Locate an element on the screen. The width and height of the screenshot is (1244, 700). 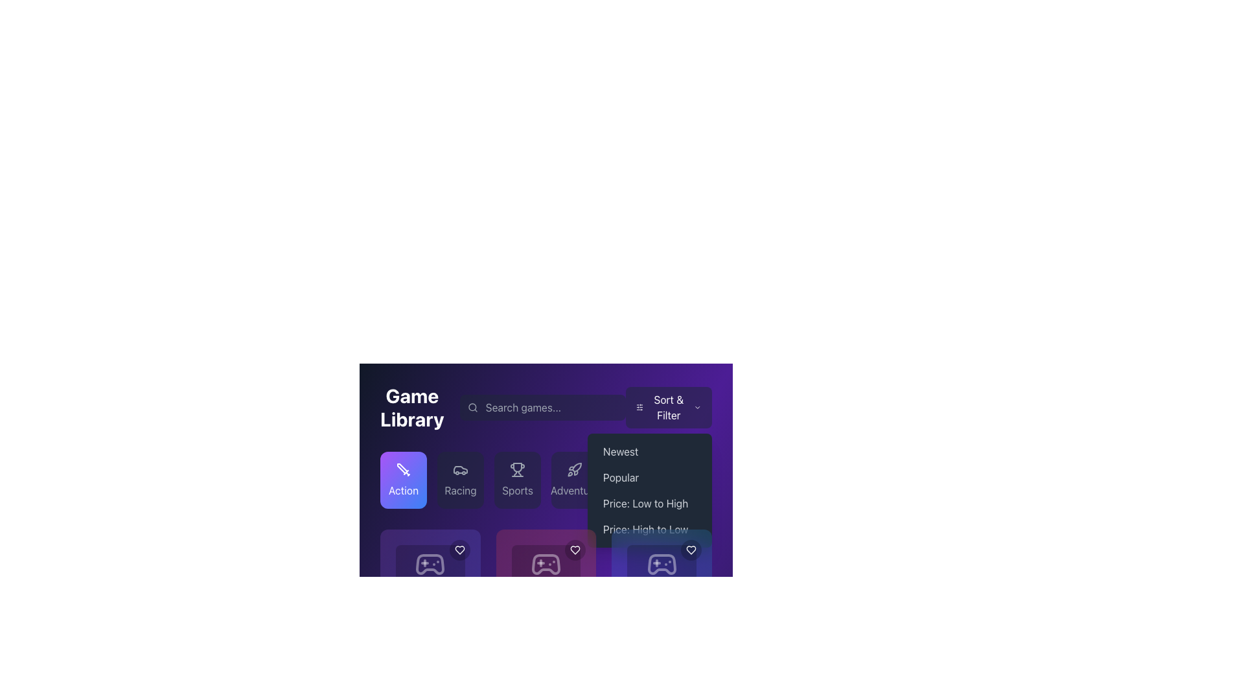
the 'Popular' dropdown option in the list is located at coordinates (650, 477).